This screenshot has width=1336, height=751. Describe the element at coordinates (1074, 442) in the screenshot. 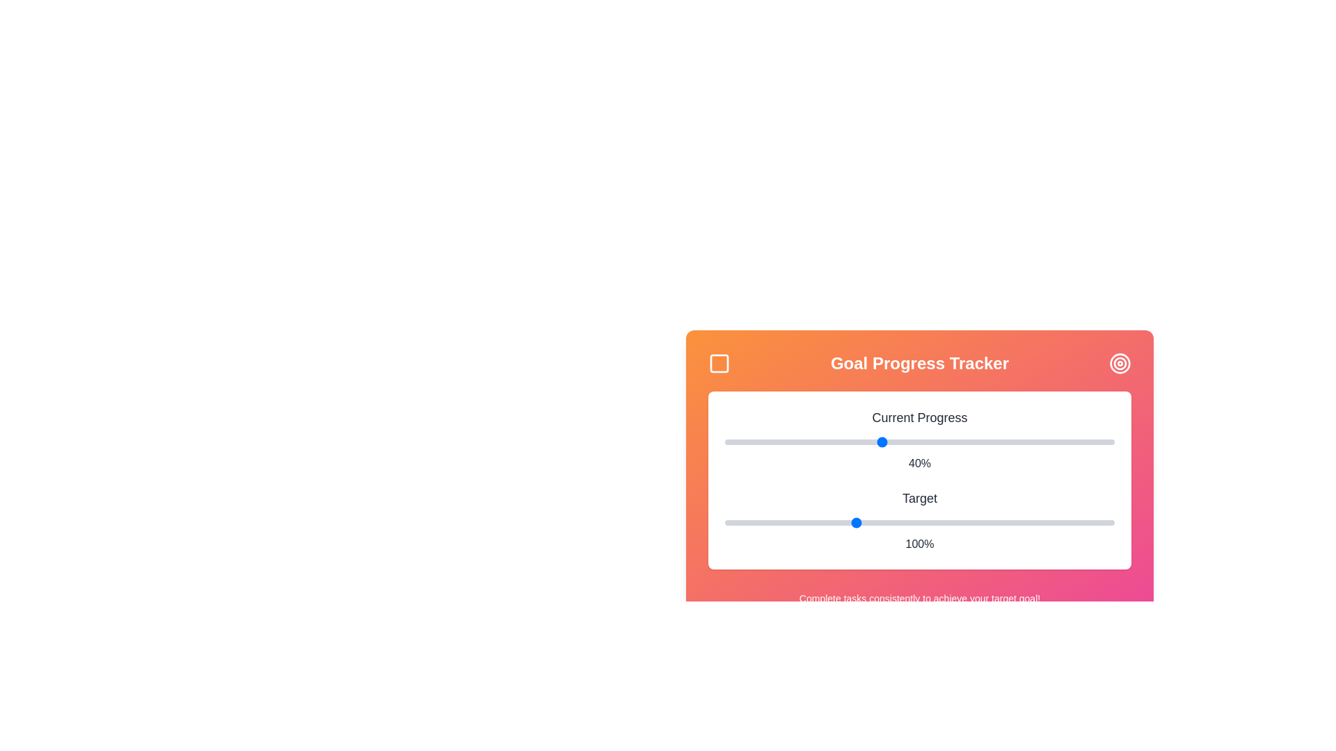

I see `the 'Current Progress' slider to 90%` at that location.